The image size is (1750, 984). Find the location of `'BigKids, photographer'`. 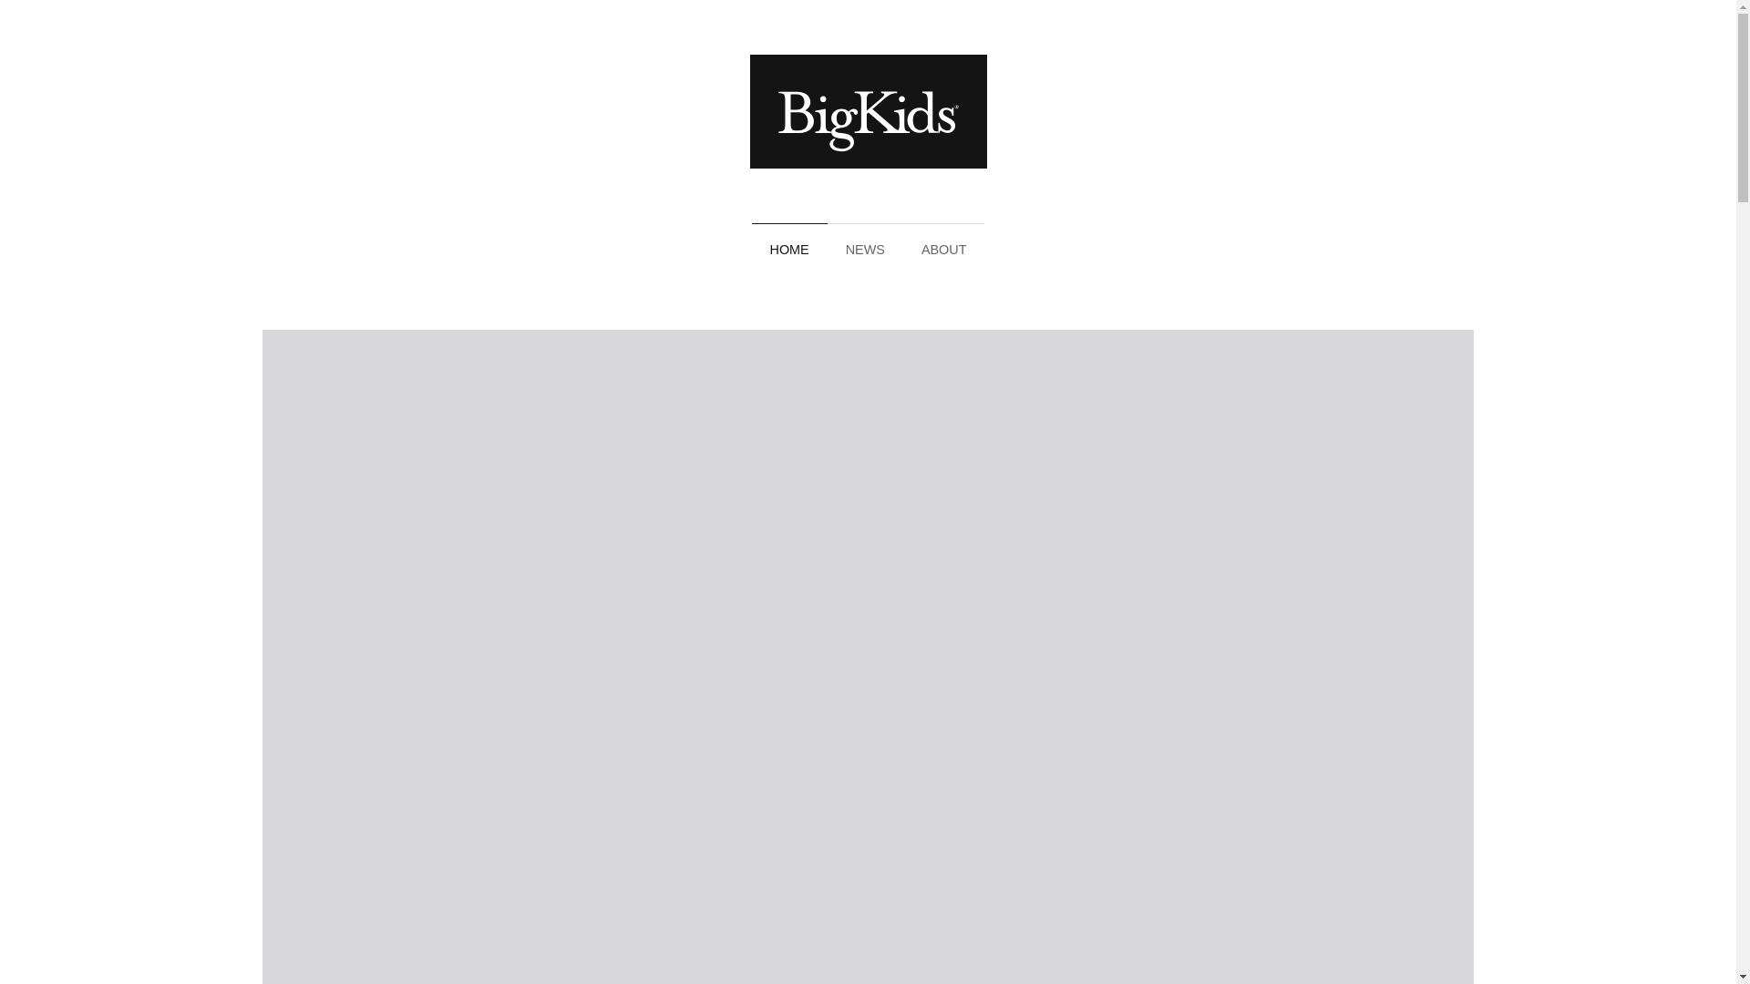

'BigKids, photographer' is located at coordinates (866, 111).